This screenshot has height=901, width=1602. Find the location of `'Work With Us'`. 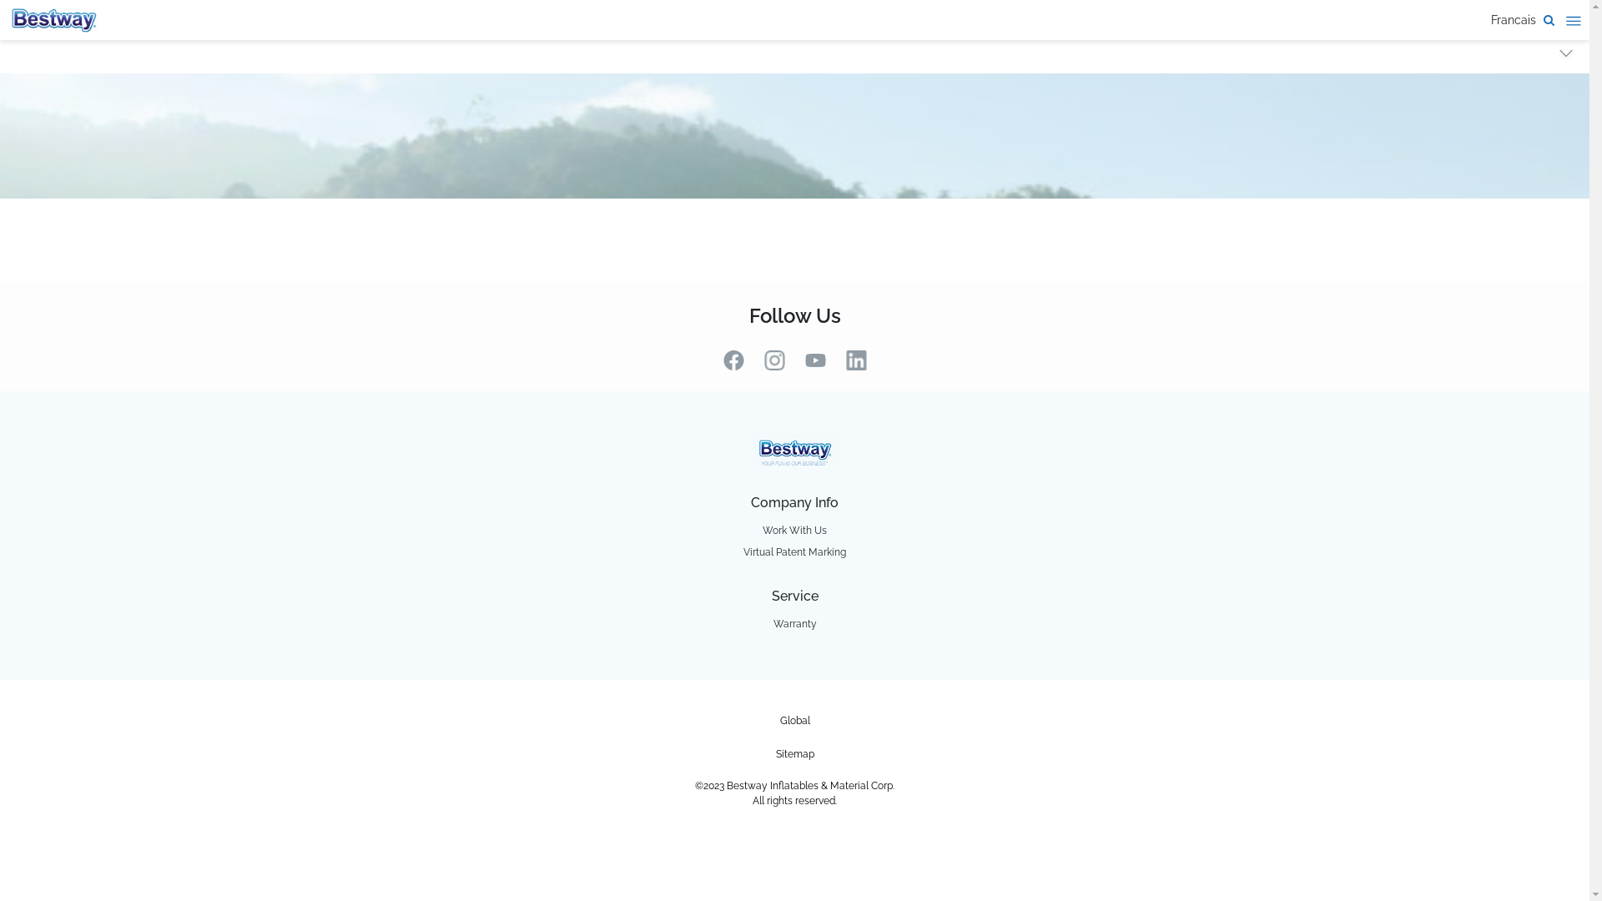

'Work With Us' is located at coordinates (793, 531).